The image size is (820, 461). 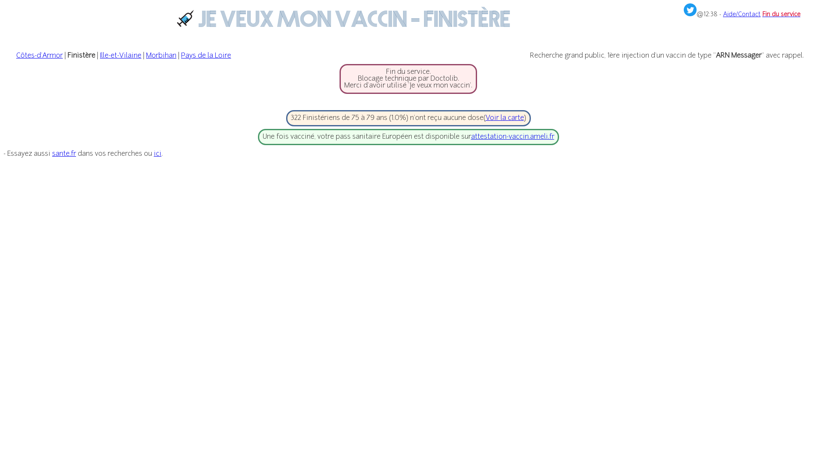 What do you see at coordinates (120, 56) in the screenshot?
I see `'Ille-et-Vilaine'` at bounding box center [120, 56].